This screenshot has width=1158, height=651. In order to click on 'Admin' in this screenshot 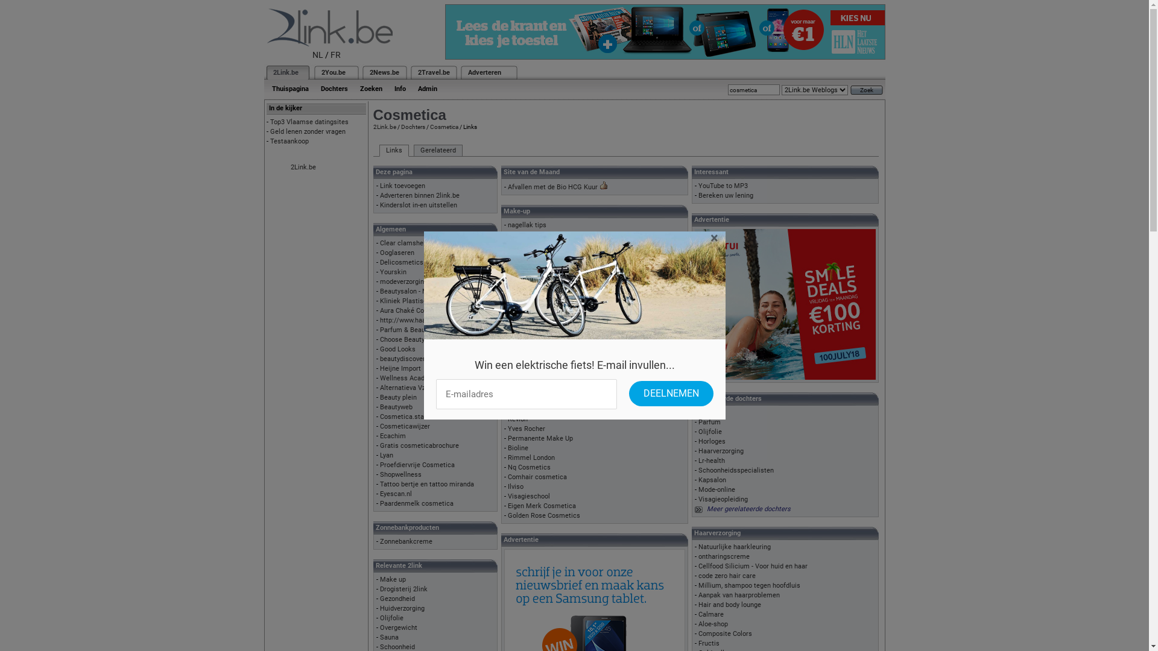, I will do `click(427, 88)`.